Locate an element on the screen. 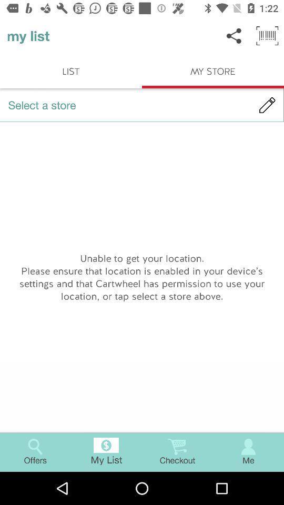 The image size is (284, 505). item next to the my list icon is located at coordinates (234, 36).